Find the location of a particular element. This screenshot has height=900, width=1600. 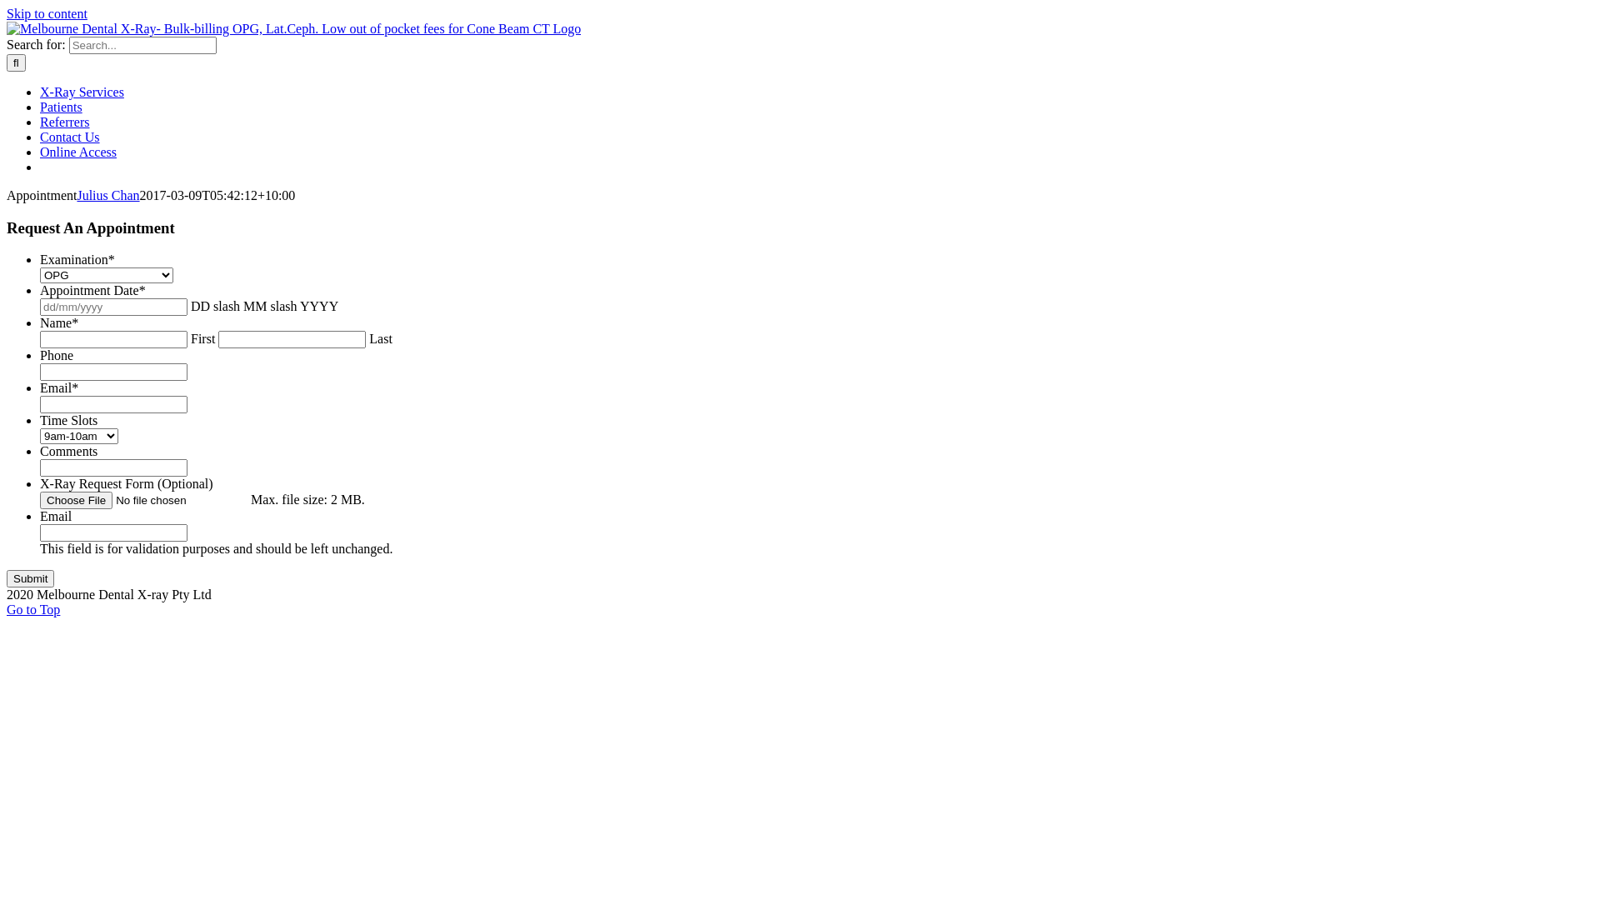

'Online Access' is located at coordinates (77, 152).